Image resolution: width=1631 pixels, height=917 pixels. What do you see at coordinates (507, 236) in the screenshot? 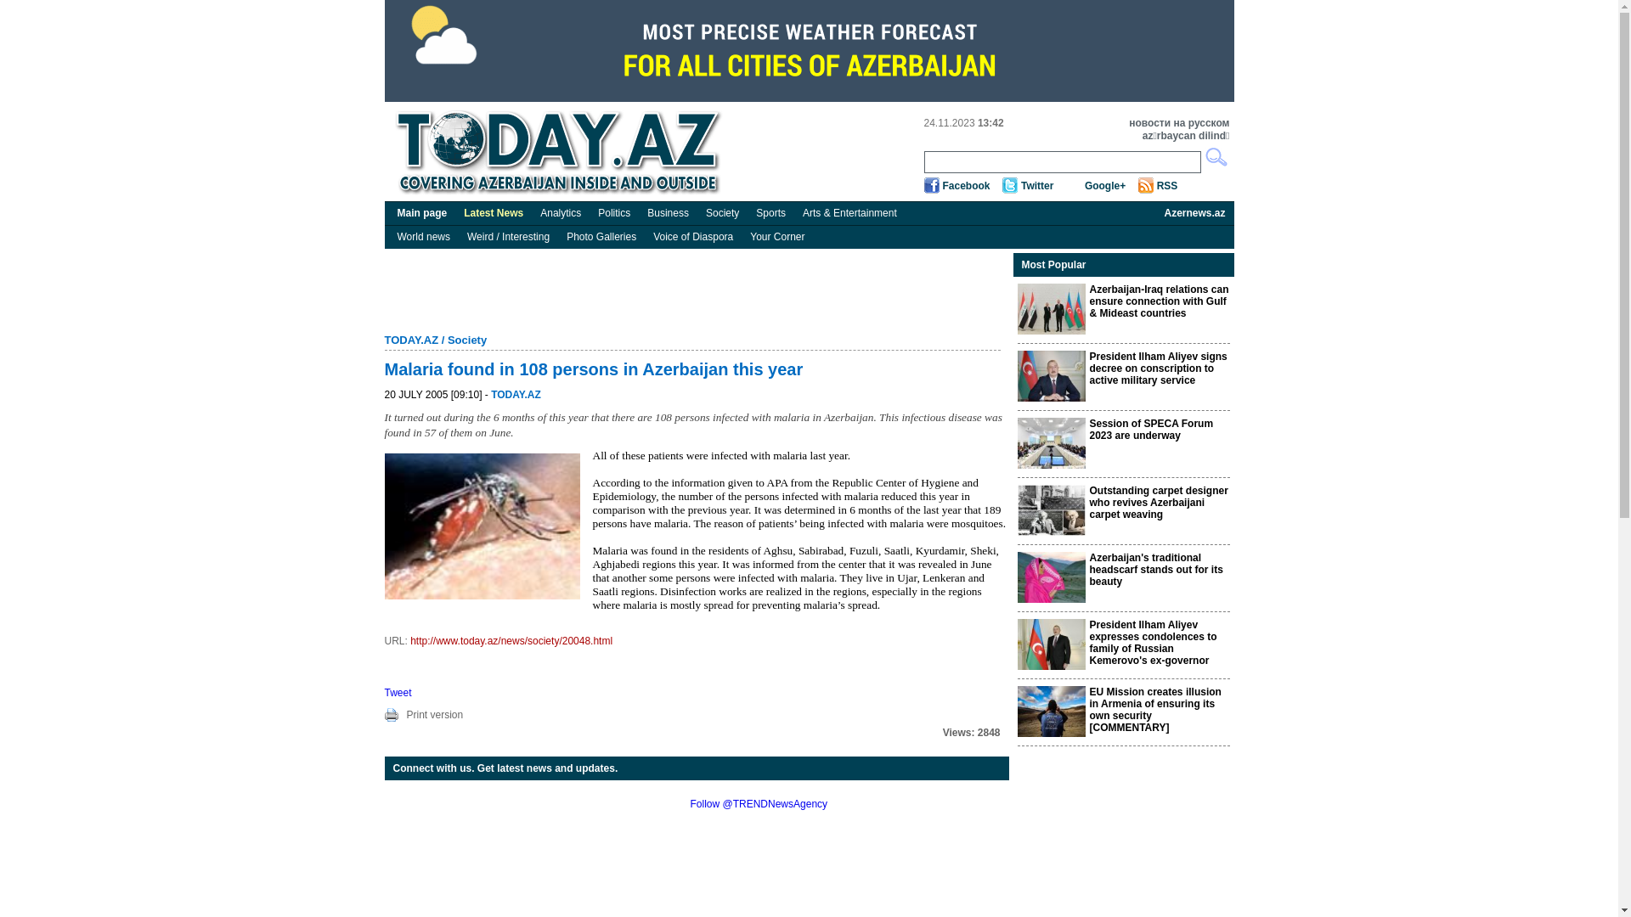
I see `'Weird / Interesting'` at bounding box center [507, 236].